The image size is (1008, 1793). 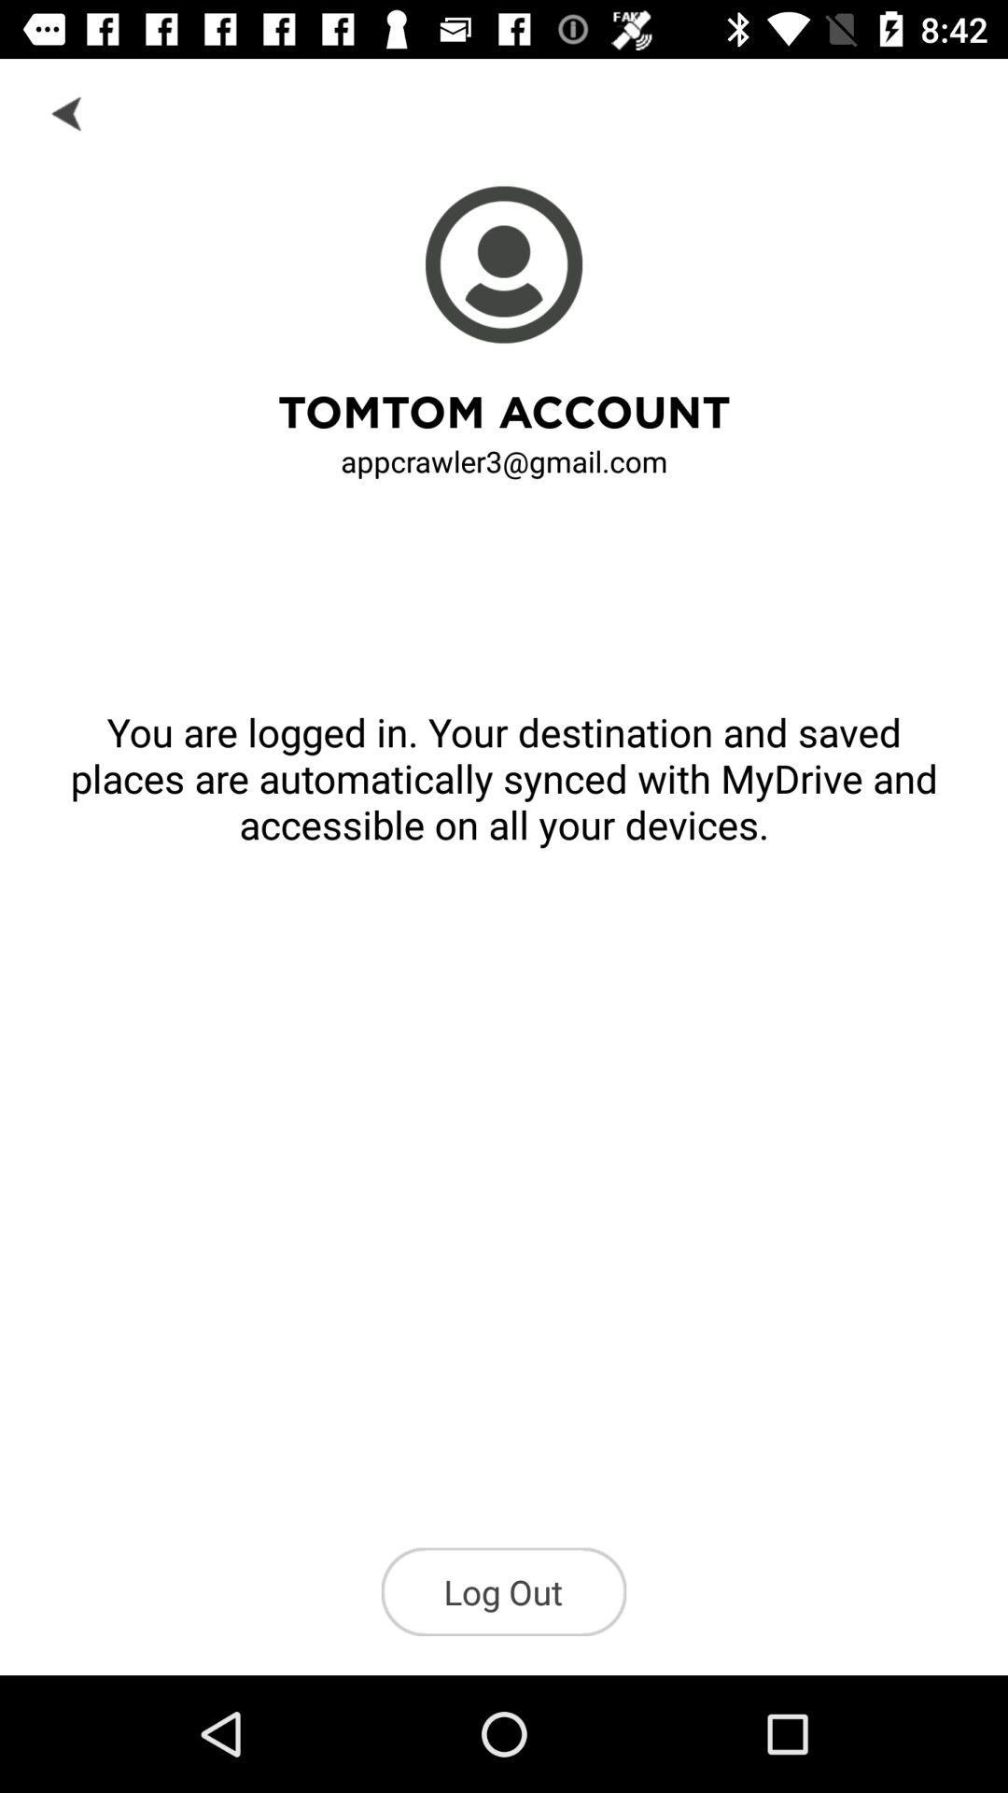 What do you see at coordinates (67, 111) in the screenshot?
I see `click on the arrow back` at bounding box center [67, 111].